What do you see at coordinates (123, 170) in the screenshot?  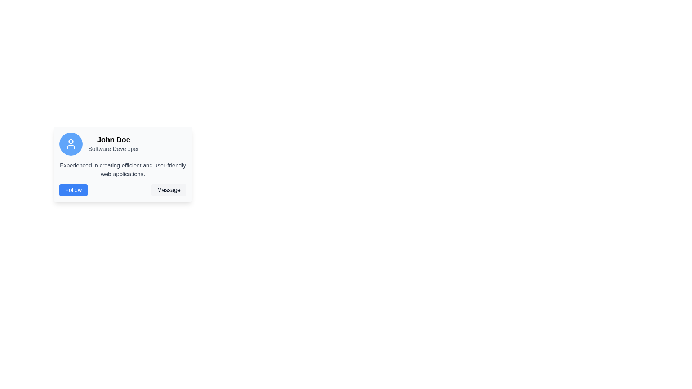 I see `the static Text Display element that provides additional descriptive information about the individual in the profile, located below the name 'John Doe' and above the 'Follow' and 'Message' buttons` at bounding box center [123, 170].